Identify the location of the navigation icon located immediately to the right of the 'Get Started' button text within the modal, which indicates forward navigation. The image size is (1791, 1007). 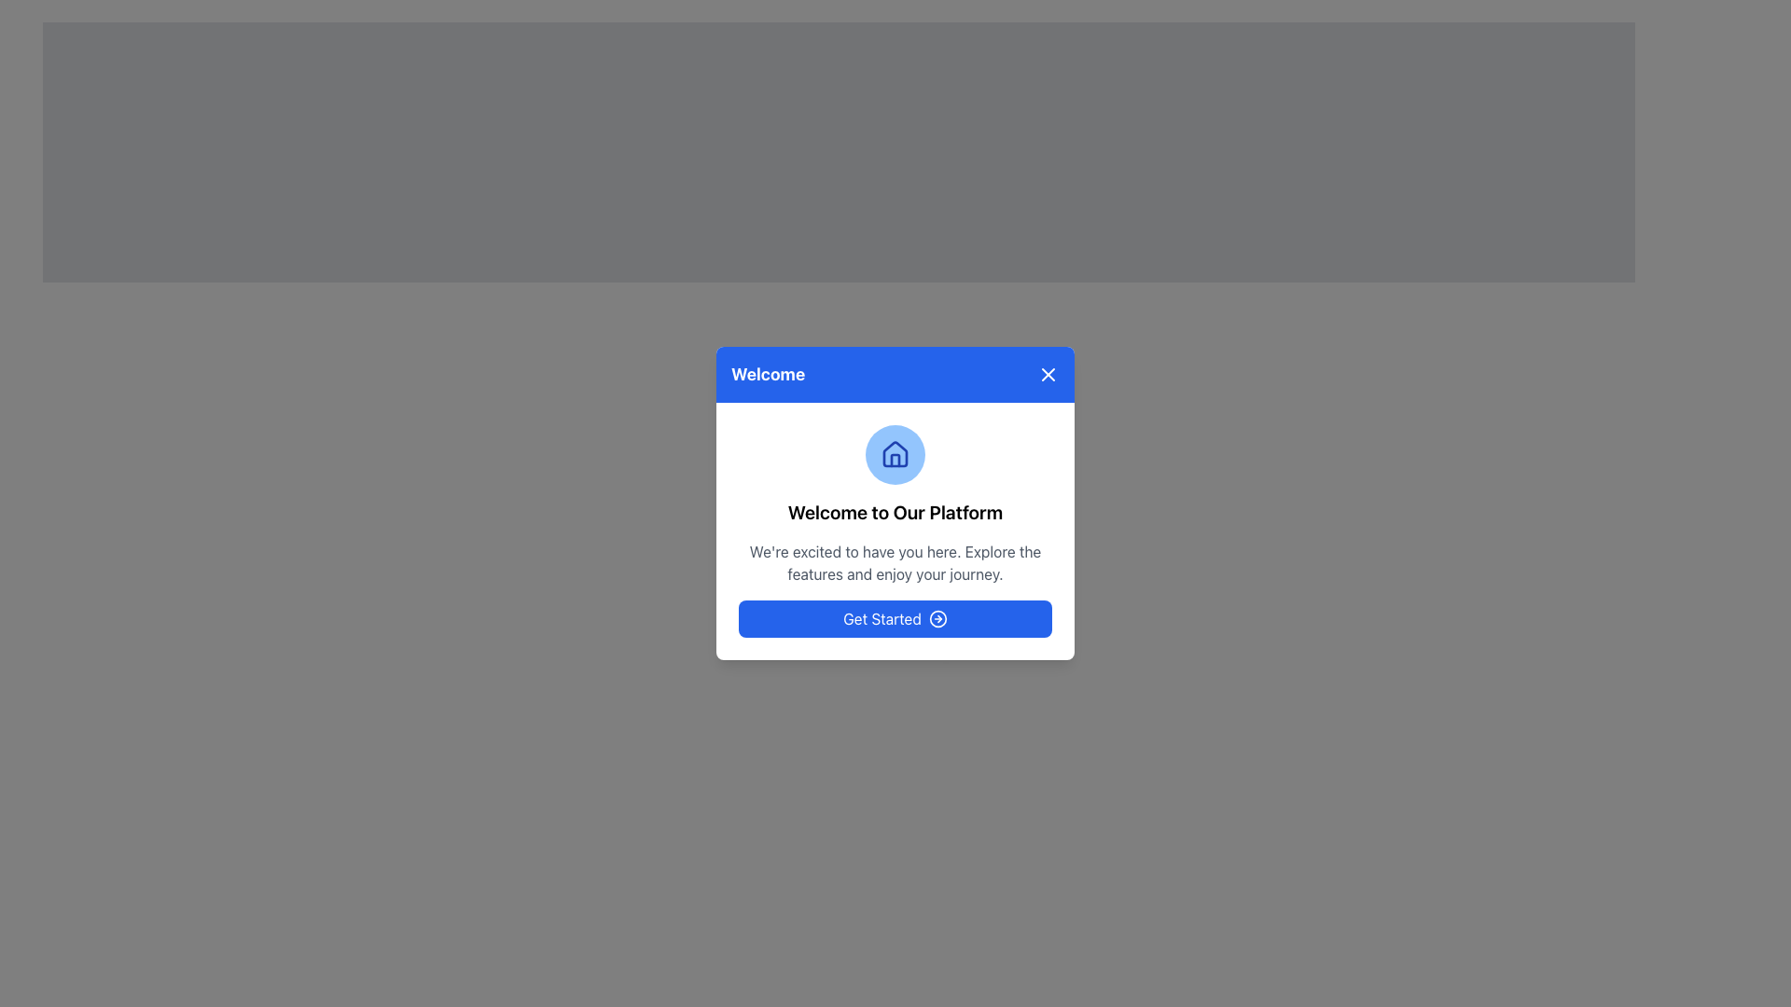
(937, 618).